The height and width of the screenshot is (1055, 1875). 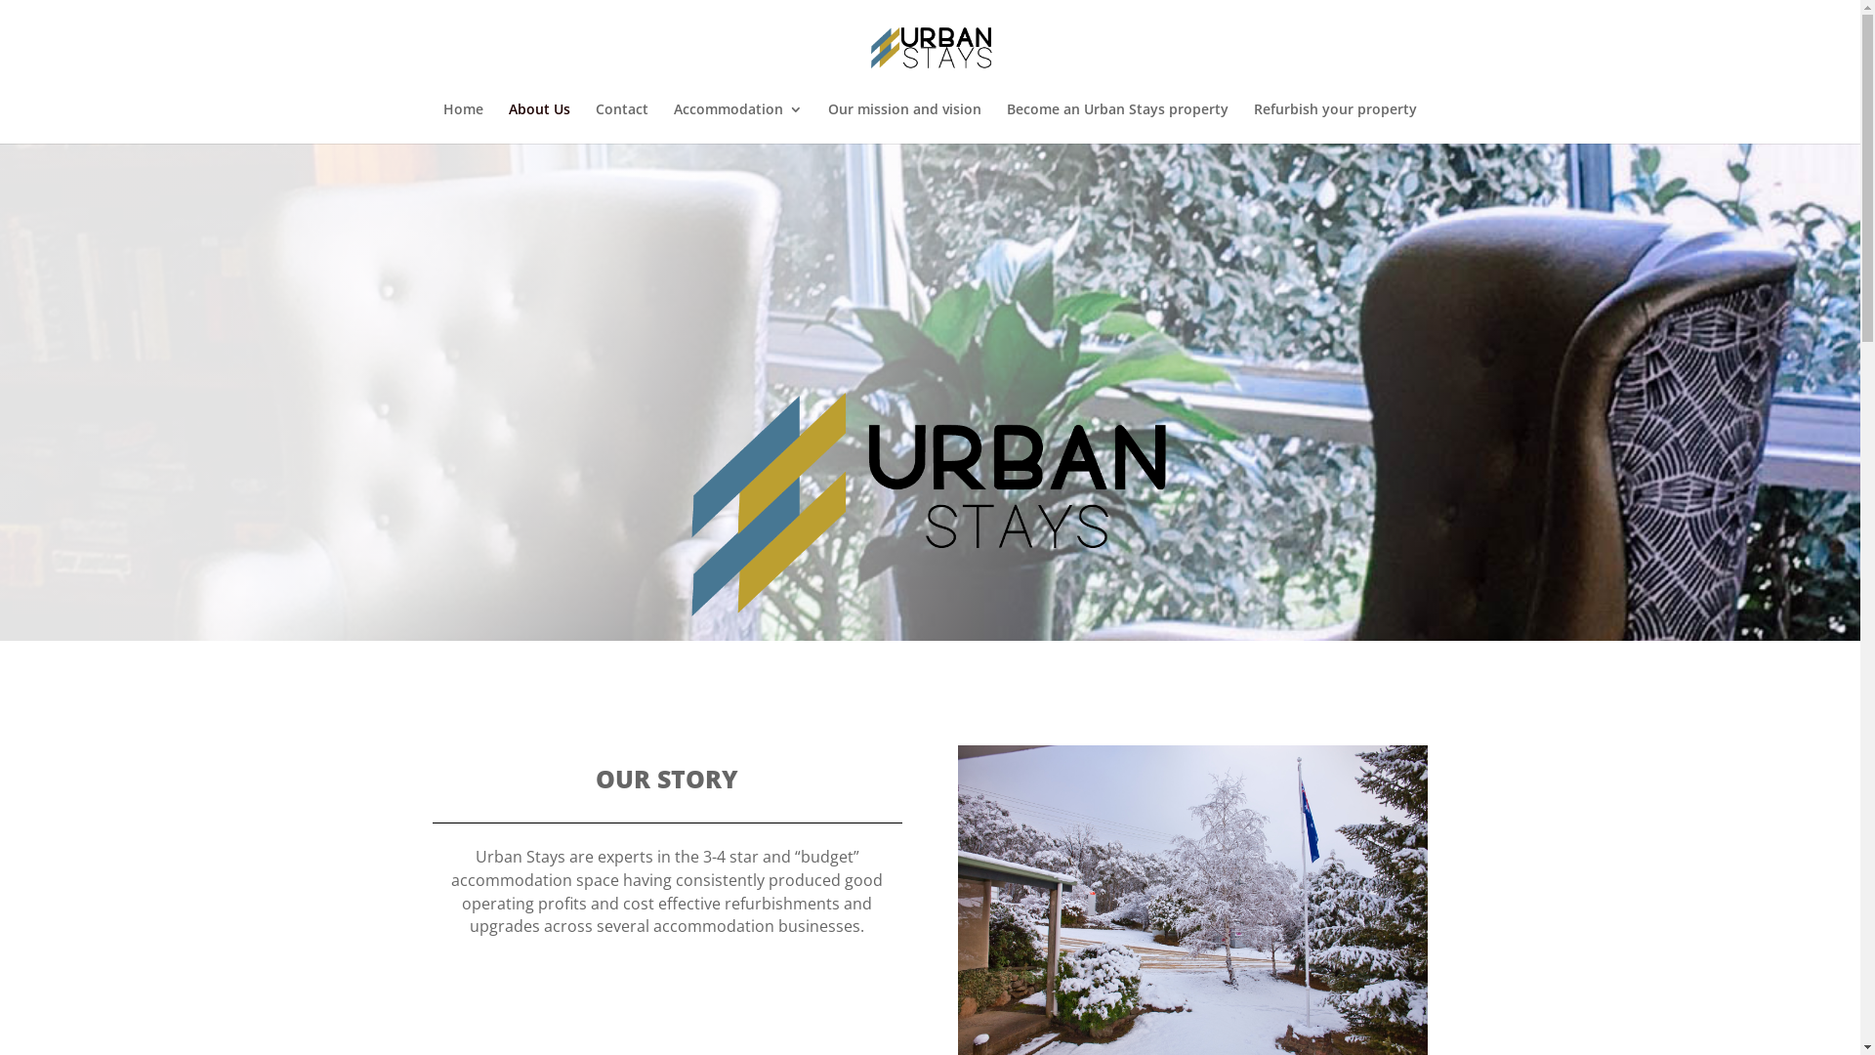 What do you see at coordinates (442, 123) in the screenshot?
I see `'Home'` at bounding box center [442, 123].